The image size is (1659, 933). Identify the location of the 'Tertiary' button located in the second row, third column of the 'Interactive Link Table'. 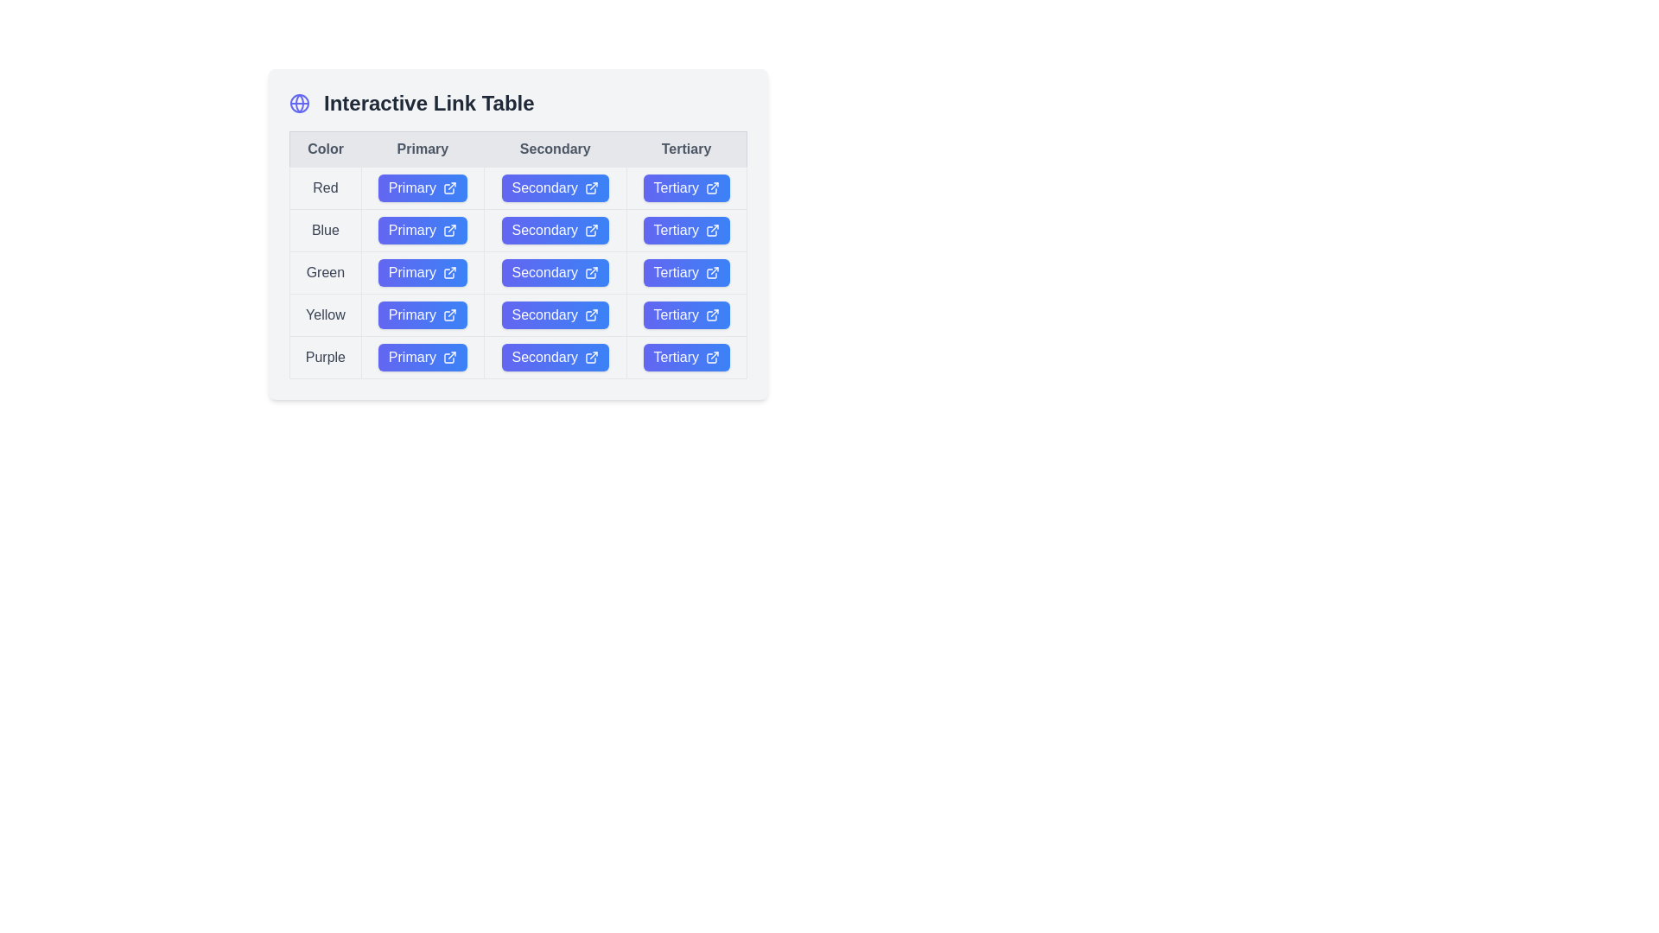
(675, 229).